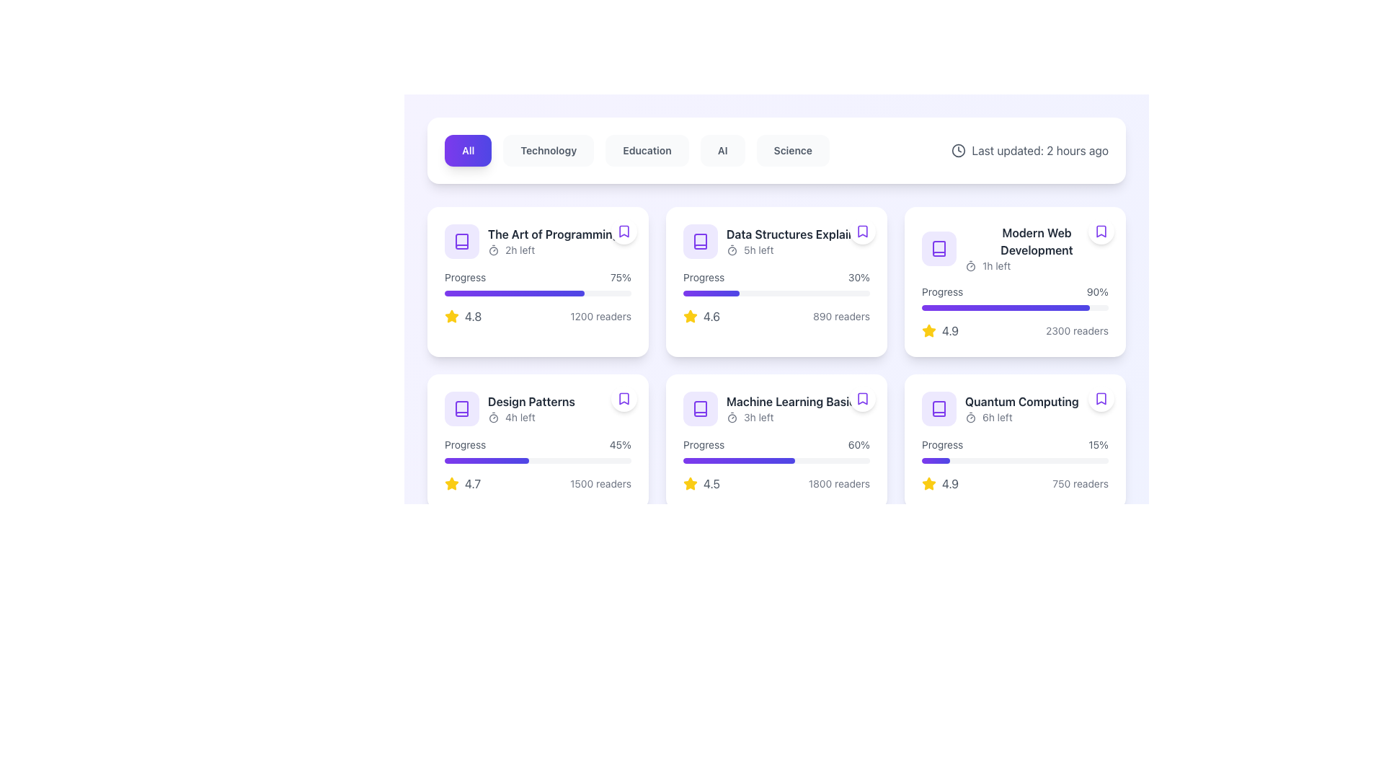  What do you see at coordinates (700, 409) in the screenshot?
I see `the book icon located in the second row, second column of the grid layout for the 'Machine Learning Basics' card to interact with it` at bounding box center [700, 409].